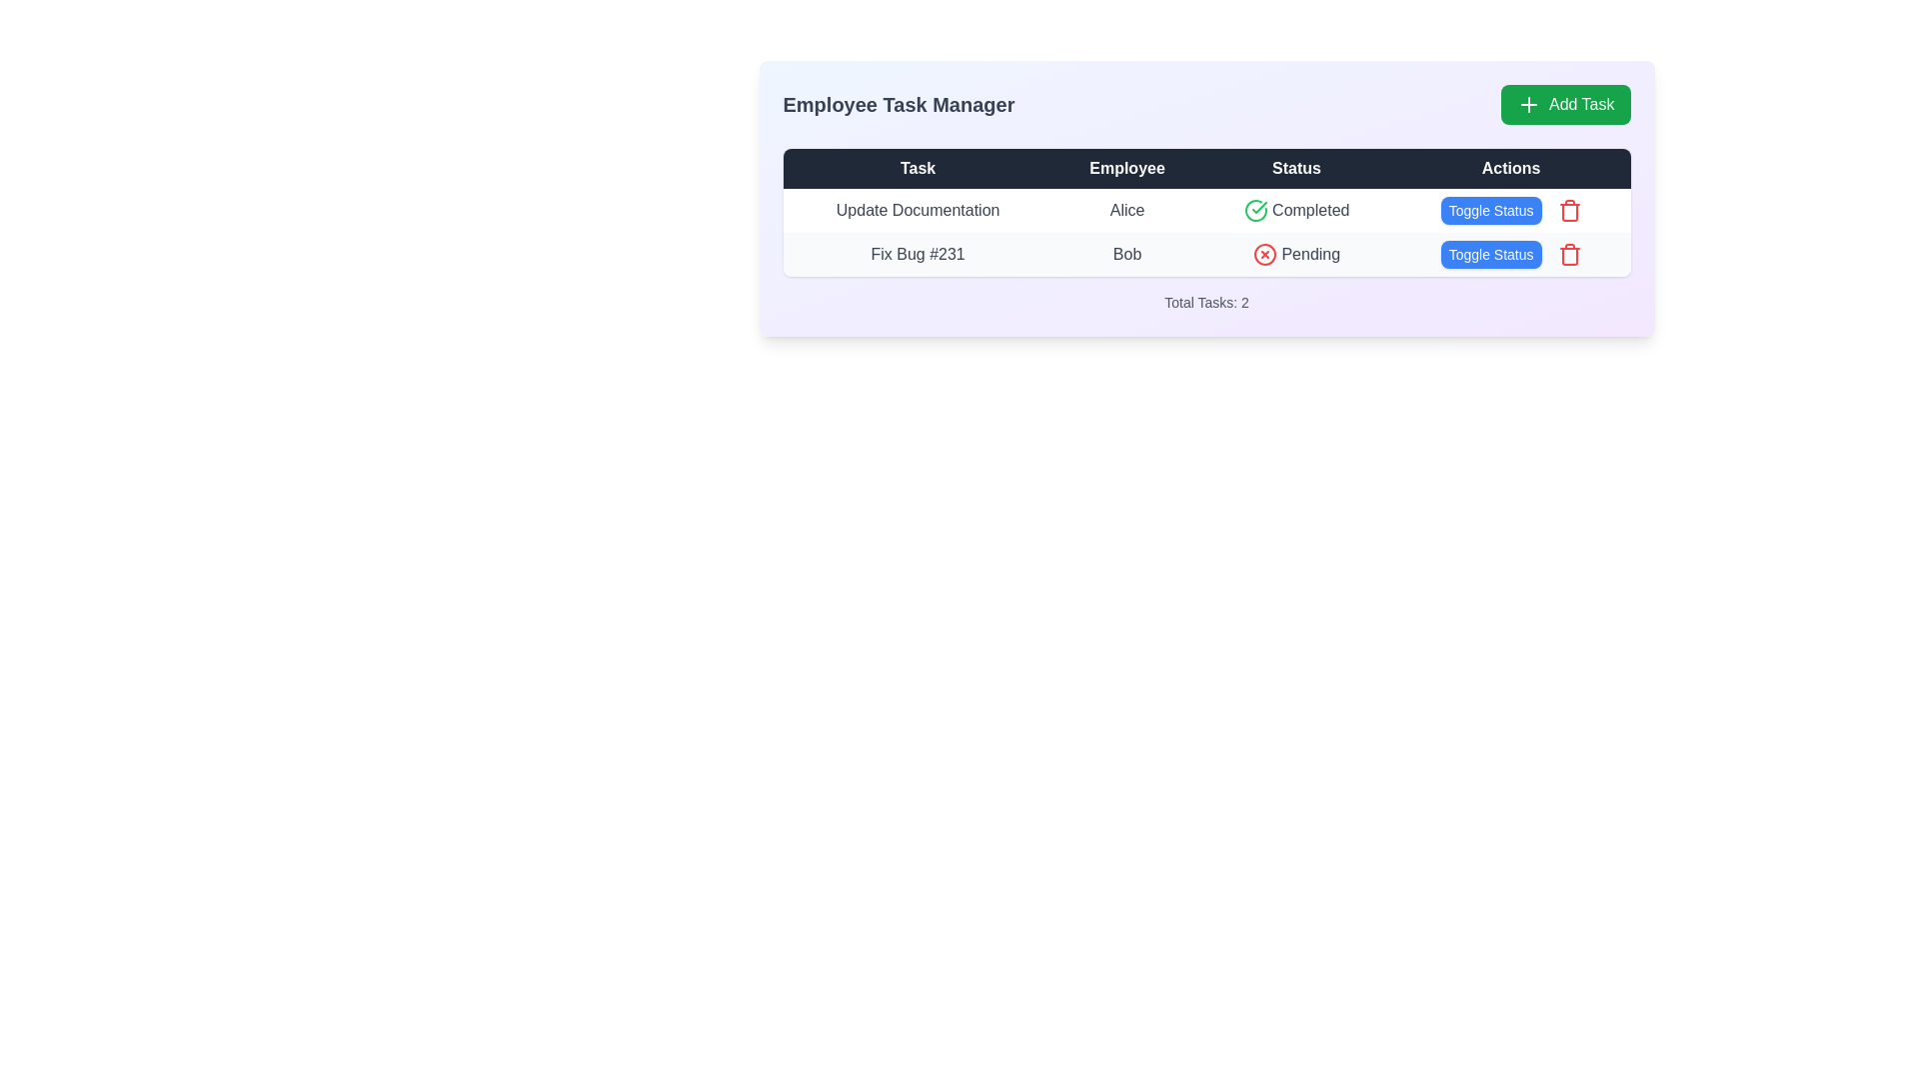  I want to click on the blue button labeled 'Toggle Status' located in the 'Actions' column of the 'Update Documentation' task, so click(1511, 211).